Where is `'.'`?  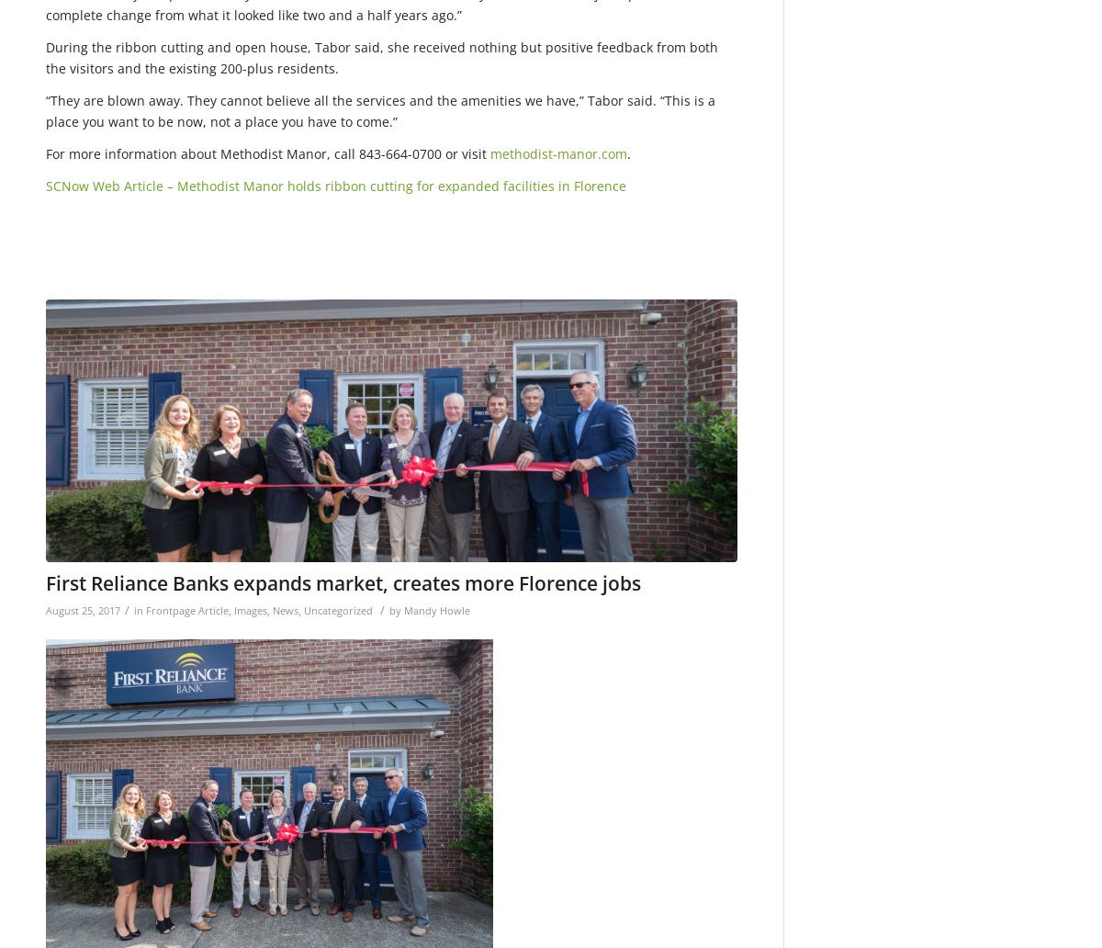
'.' is located at coordinates (628, 152).